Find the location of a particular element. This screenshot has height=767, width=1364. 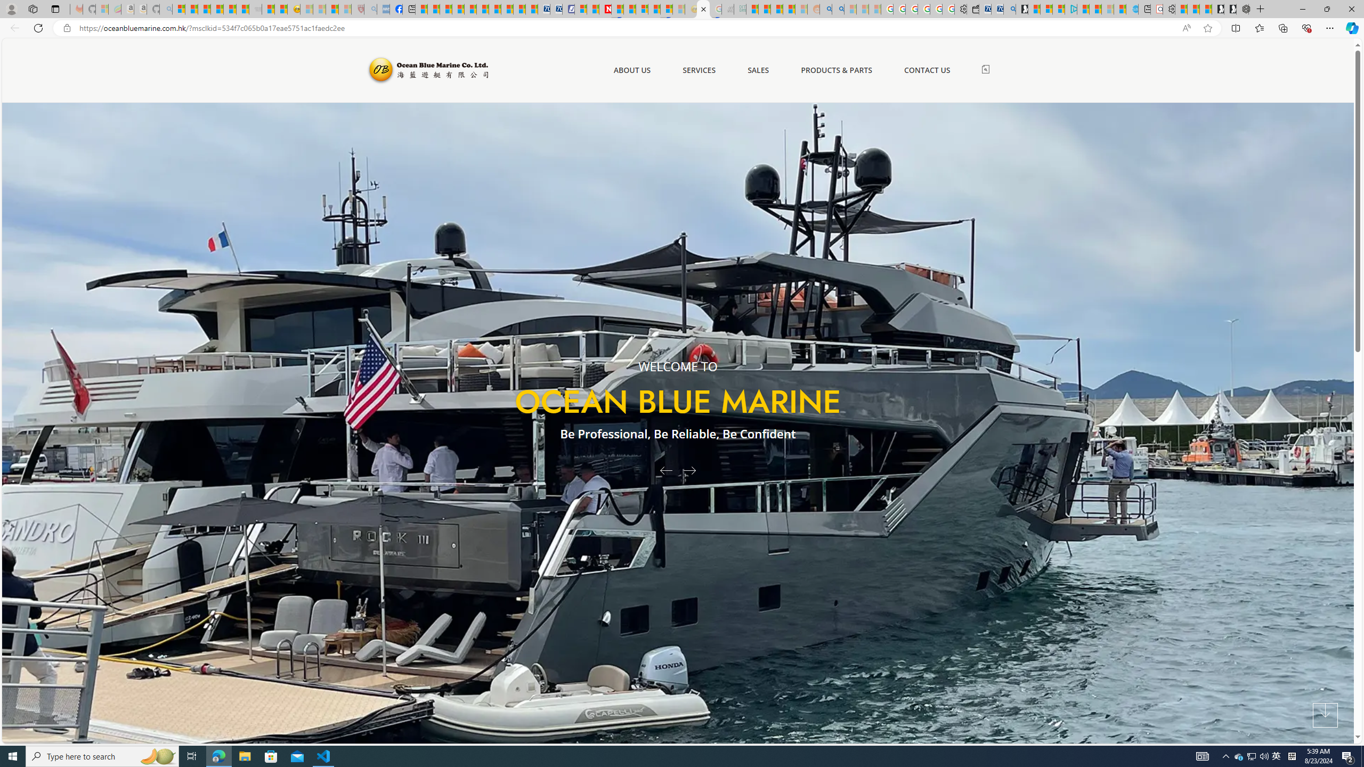

'CONTACT US' is located at coordinates (927, 69).